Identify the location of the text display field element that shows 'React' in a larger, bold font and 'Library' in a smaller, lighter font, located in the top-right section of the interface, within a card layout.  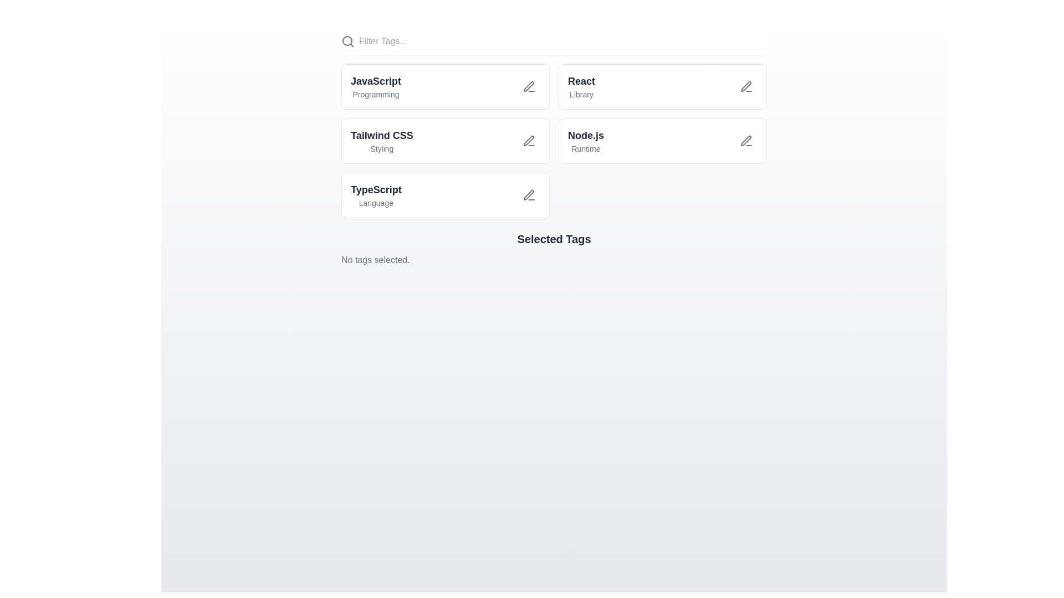
(581, 86).